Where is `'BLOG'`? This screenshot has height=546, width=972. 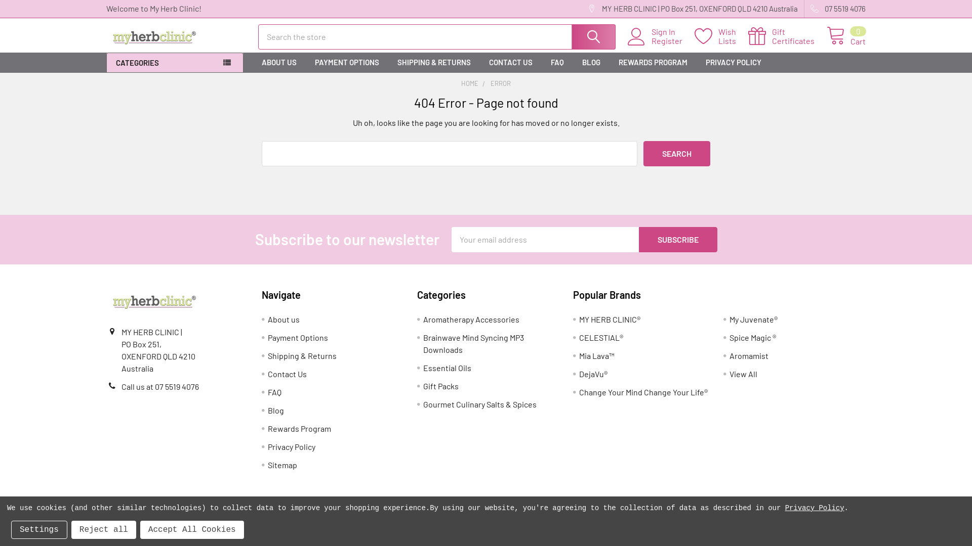 'BLOG' is located at coordinates (591, 62).